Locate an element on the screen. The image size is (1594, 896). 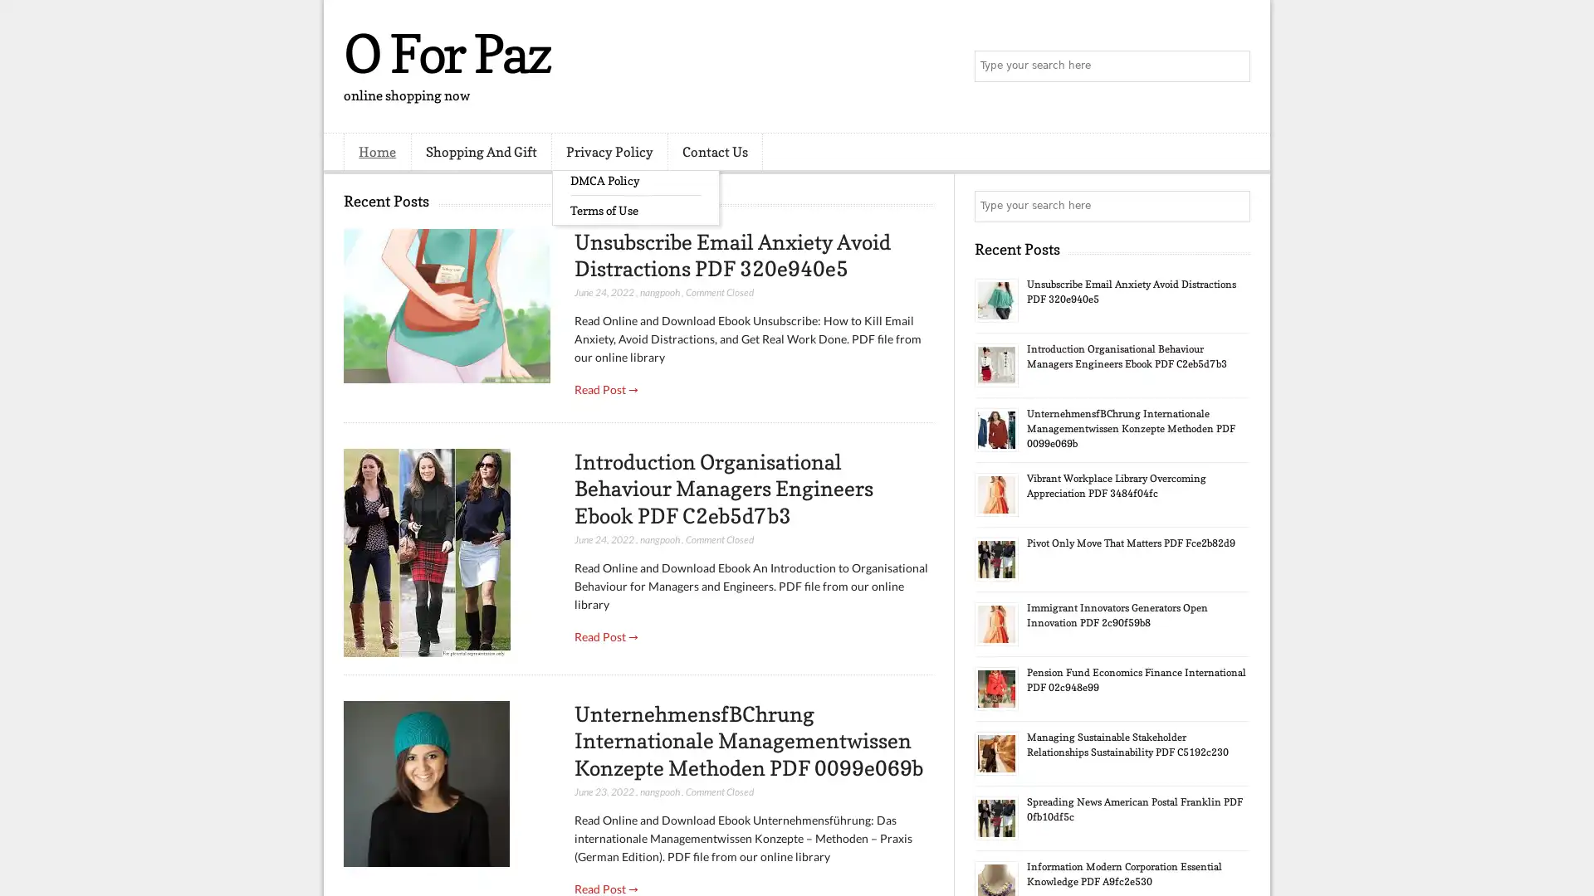
Search is located at coordinates (1233, 206).